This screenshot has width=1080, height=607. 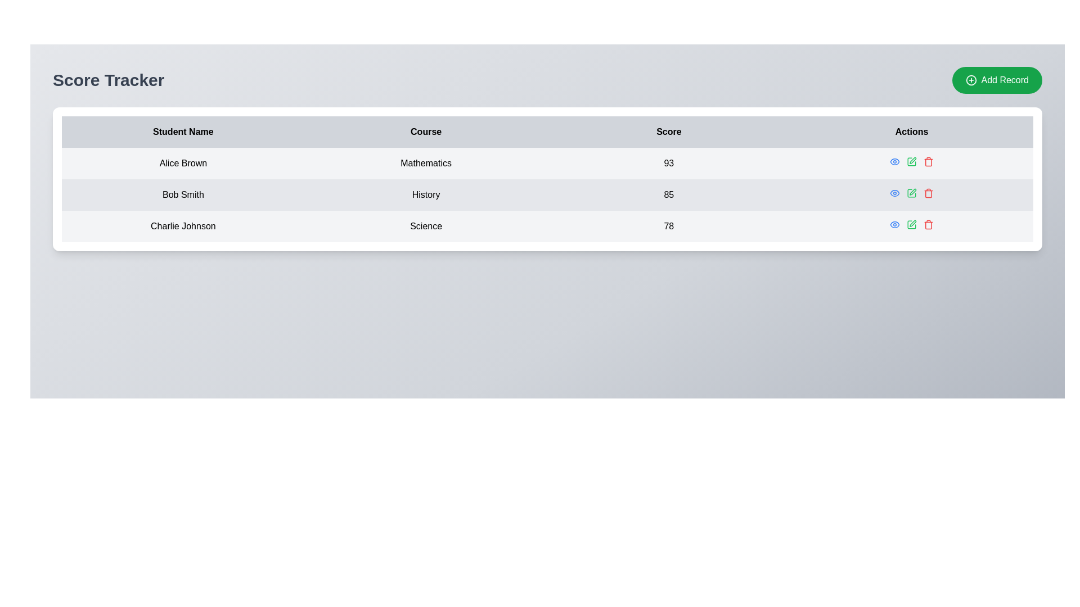 What do you see at coordinates (912, 192) in the screenshot?
I see `the edit icon button located in the 'Actions' column of the last row in the table` at bounding box center [912, 192].